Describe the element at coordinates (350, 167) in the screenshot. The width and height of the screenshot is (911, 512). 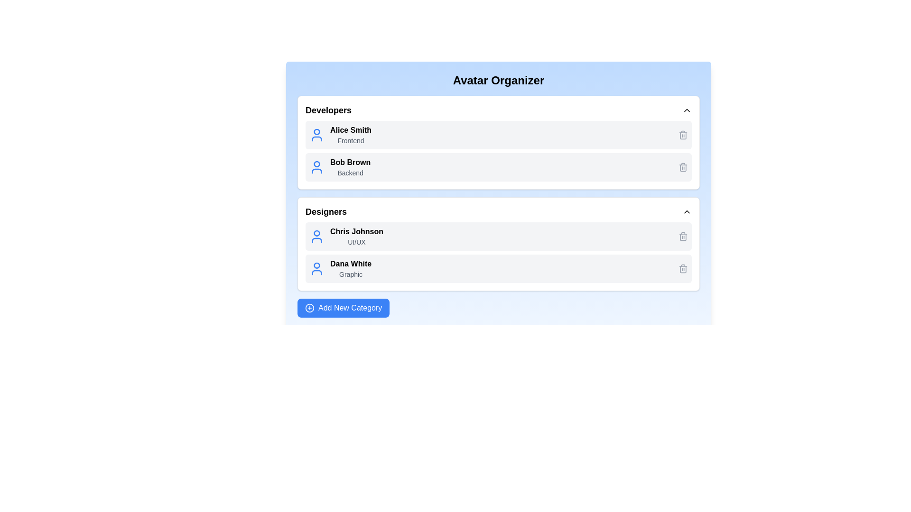
I see `the Text label displaying user information for 'Bob Brown' and their role 'Backend' in the 'Developers' section` at that location.